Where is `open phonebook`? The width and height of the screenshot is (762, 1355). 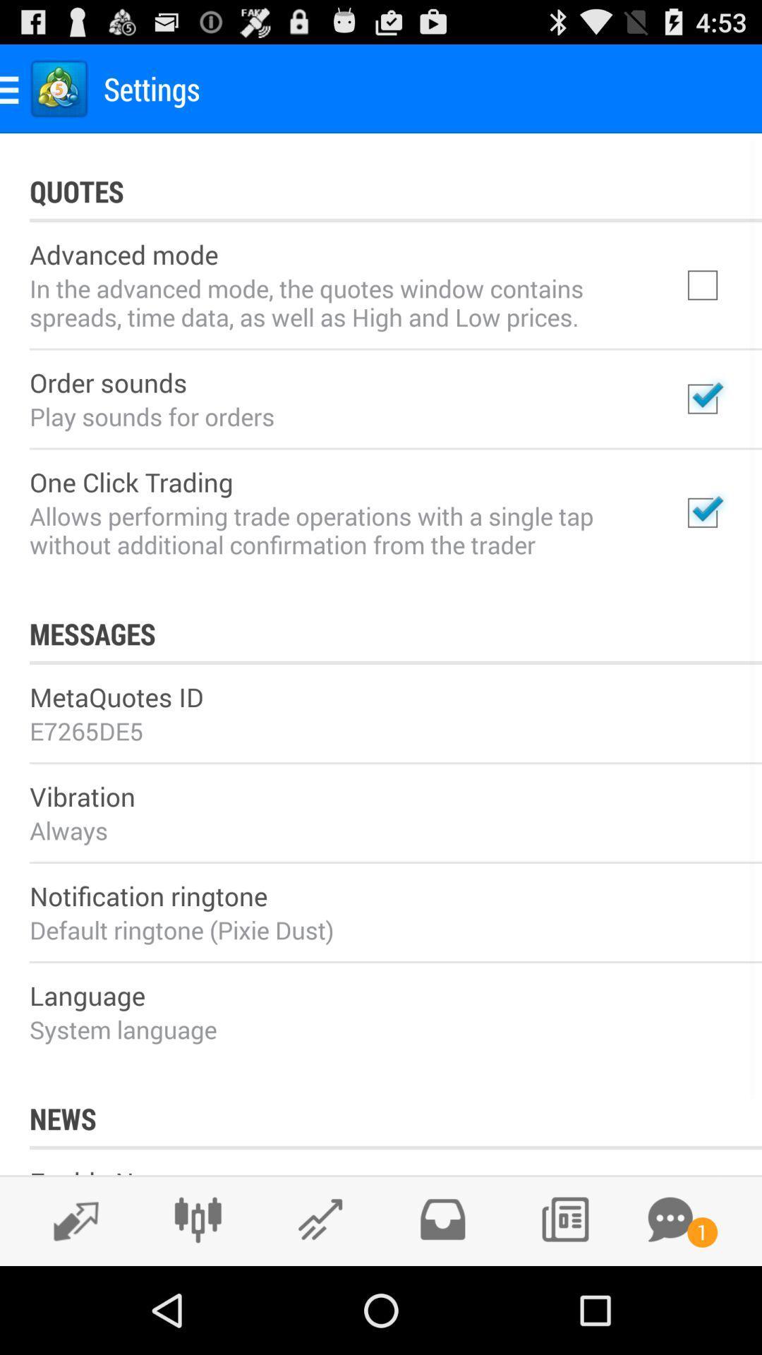 open phonebook is located at coordinates (564, 1219).